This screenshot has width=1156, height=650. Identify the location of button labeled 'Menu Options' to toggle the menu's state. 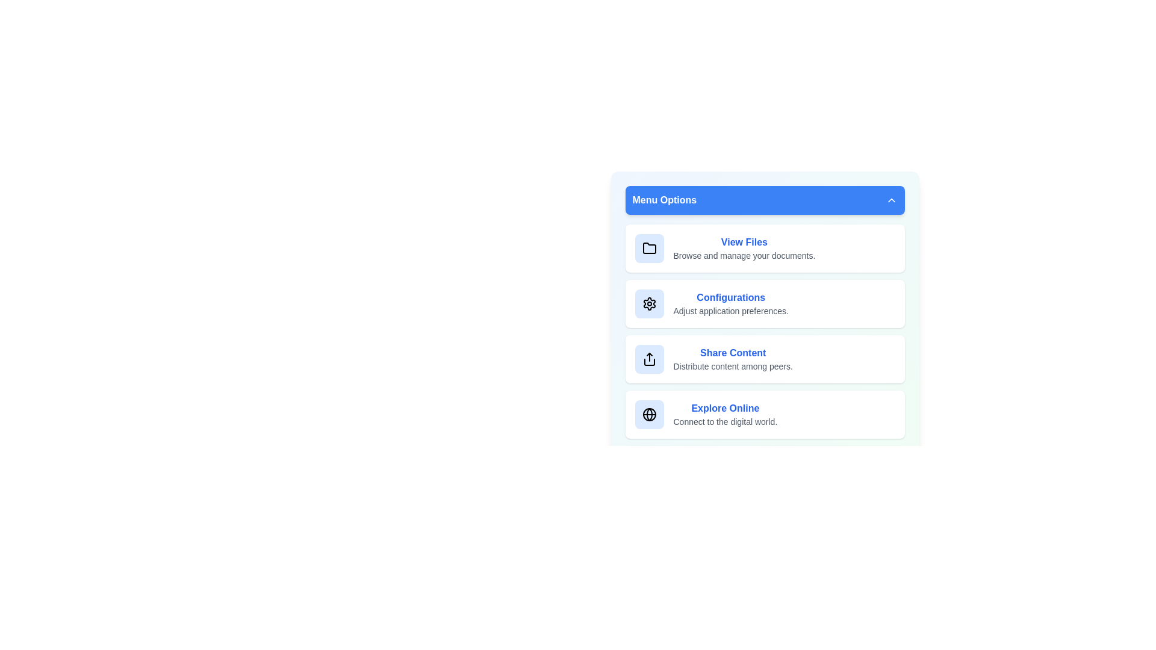
(764, 199).